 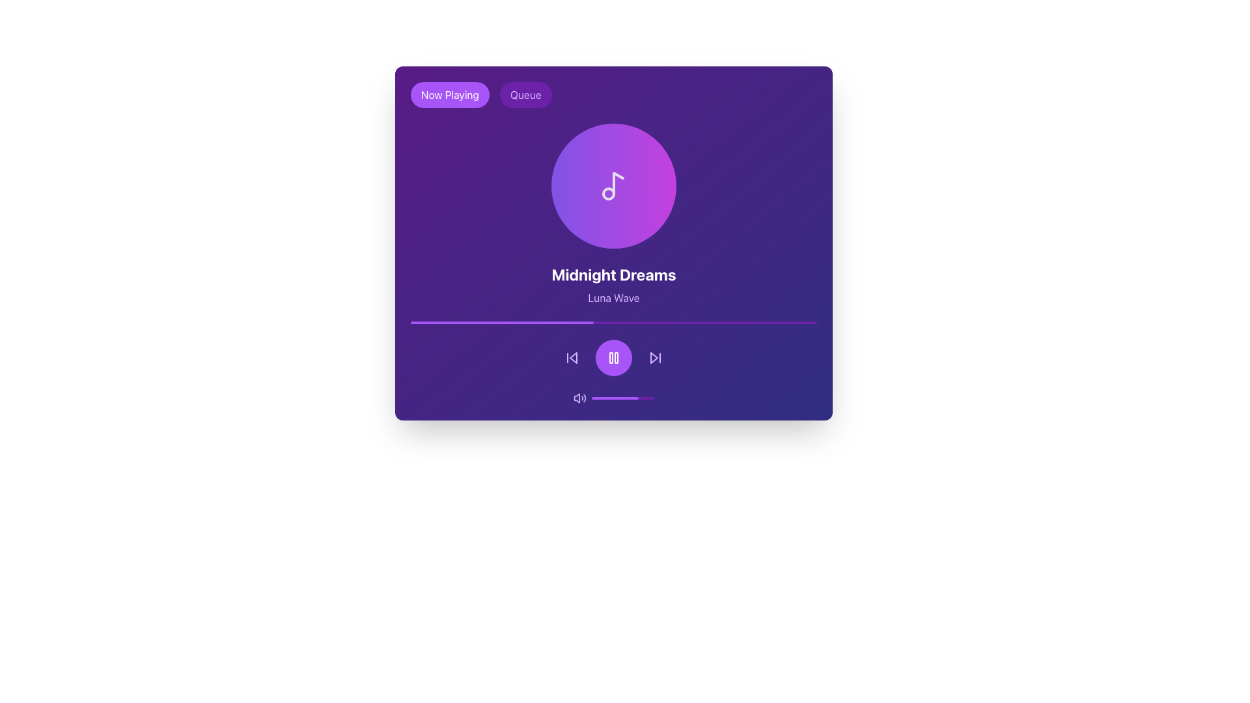 What do you see at coordinates (572, 358) in the screenshot?
I see `the skip backward button, which is the first button on the left in the row of control icons below the track information section` at bounding box center [572, 358].